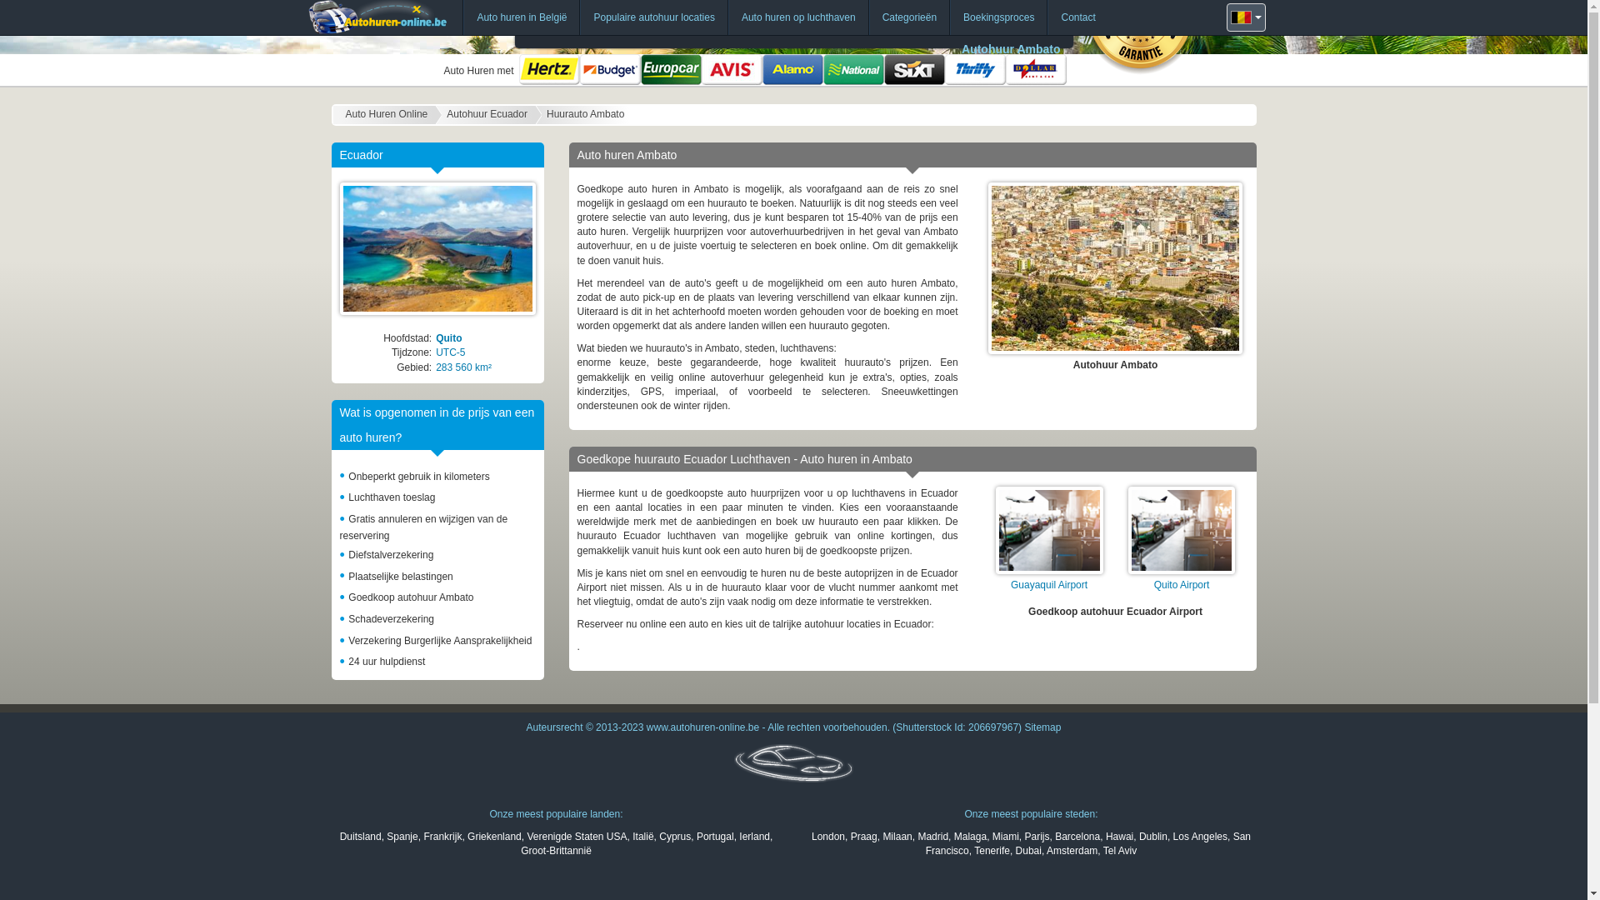 Image resolution: width=1600 pixels, height=900 pixels. What do you see at coordinates (970, 836) in the screenshot?
I see `'Malaga'` at bounding box center [970, 836].